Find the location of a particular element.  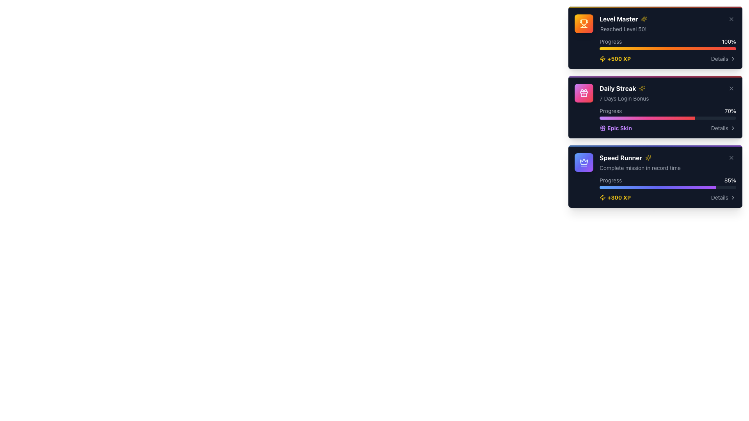

the 'Details' link/button located in the bottom-right corner of the 'Epic Skin' block to observe the color transition from gray to white is located at coordinates (723, 127).